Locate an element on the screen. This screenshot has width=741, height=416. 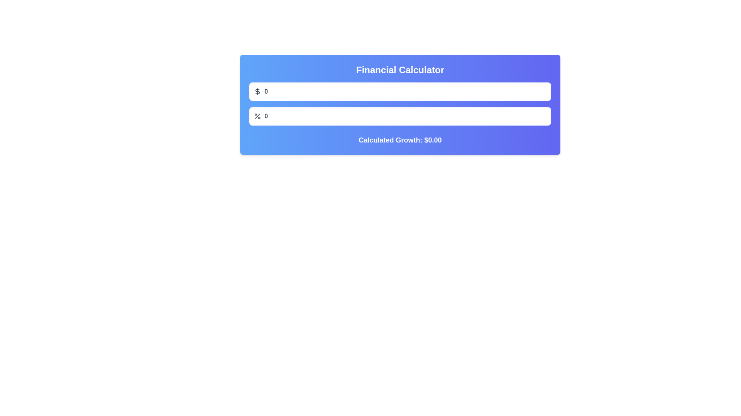
the static text label that displays the calculated growth value in the 'Financial Calculator' section, located at the bottom of the card below the input fields is located at coordinates (400, 140).